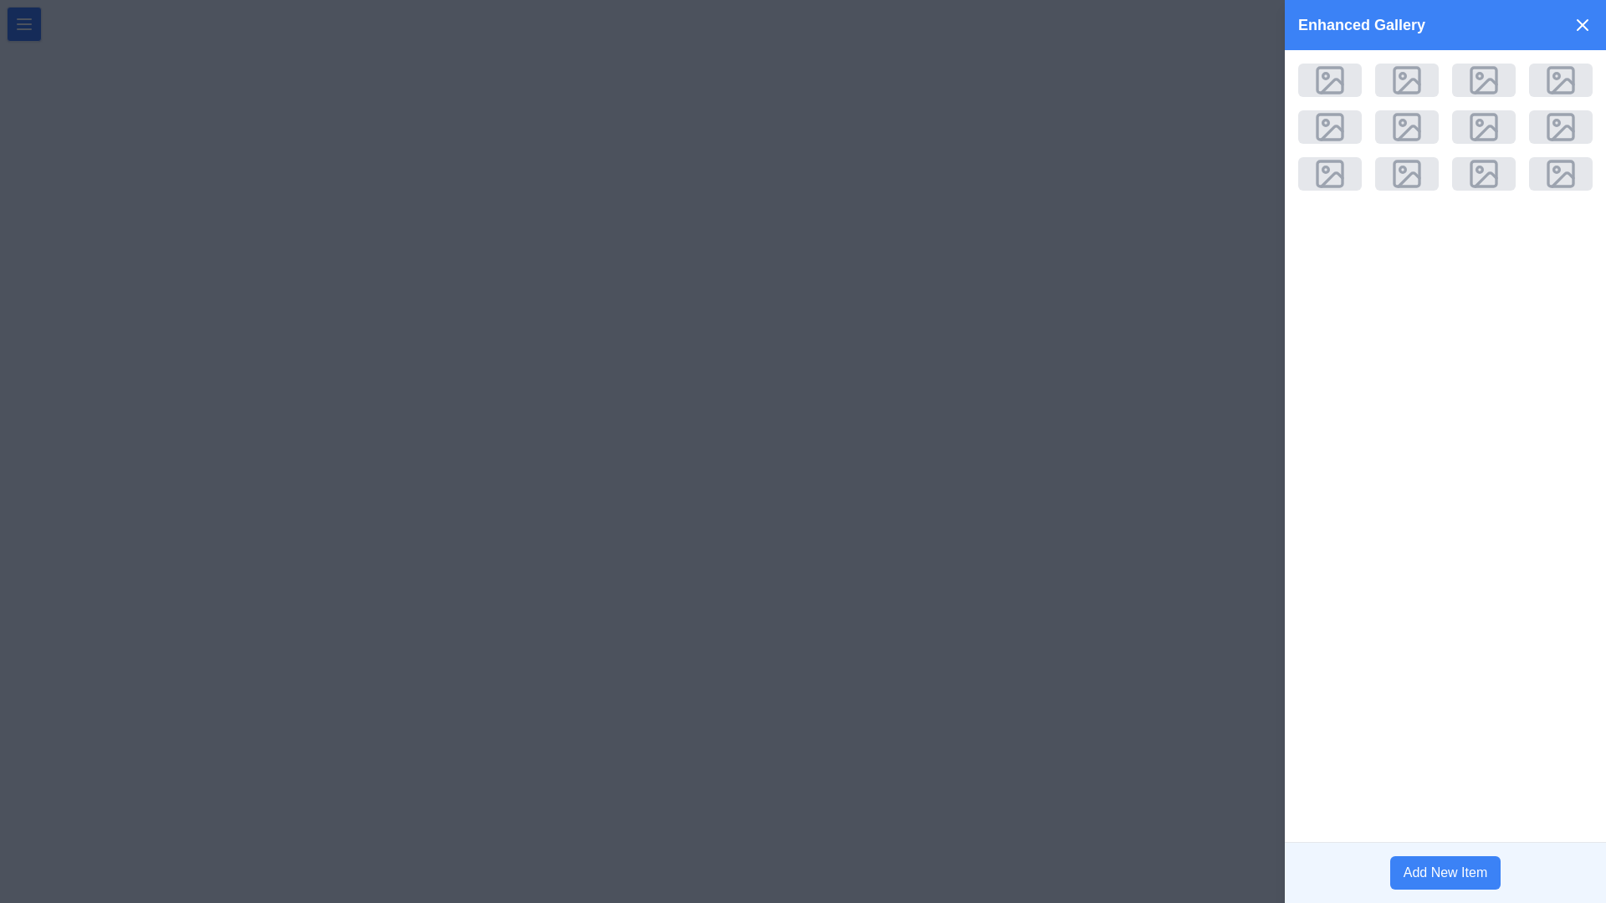 The width and height of the screenshot is (1606, 903). What do you see at coordinates (1560, 125) in the screenshot?
I see `the decorative icon component in the last column of the third row of the grid layout in the 'Enhanced Gallery' panel` at bounding box center [1560, 125].